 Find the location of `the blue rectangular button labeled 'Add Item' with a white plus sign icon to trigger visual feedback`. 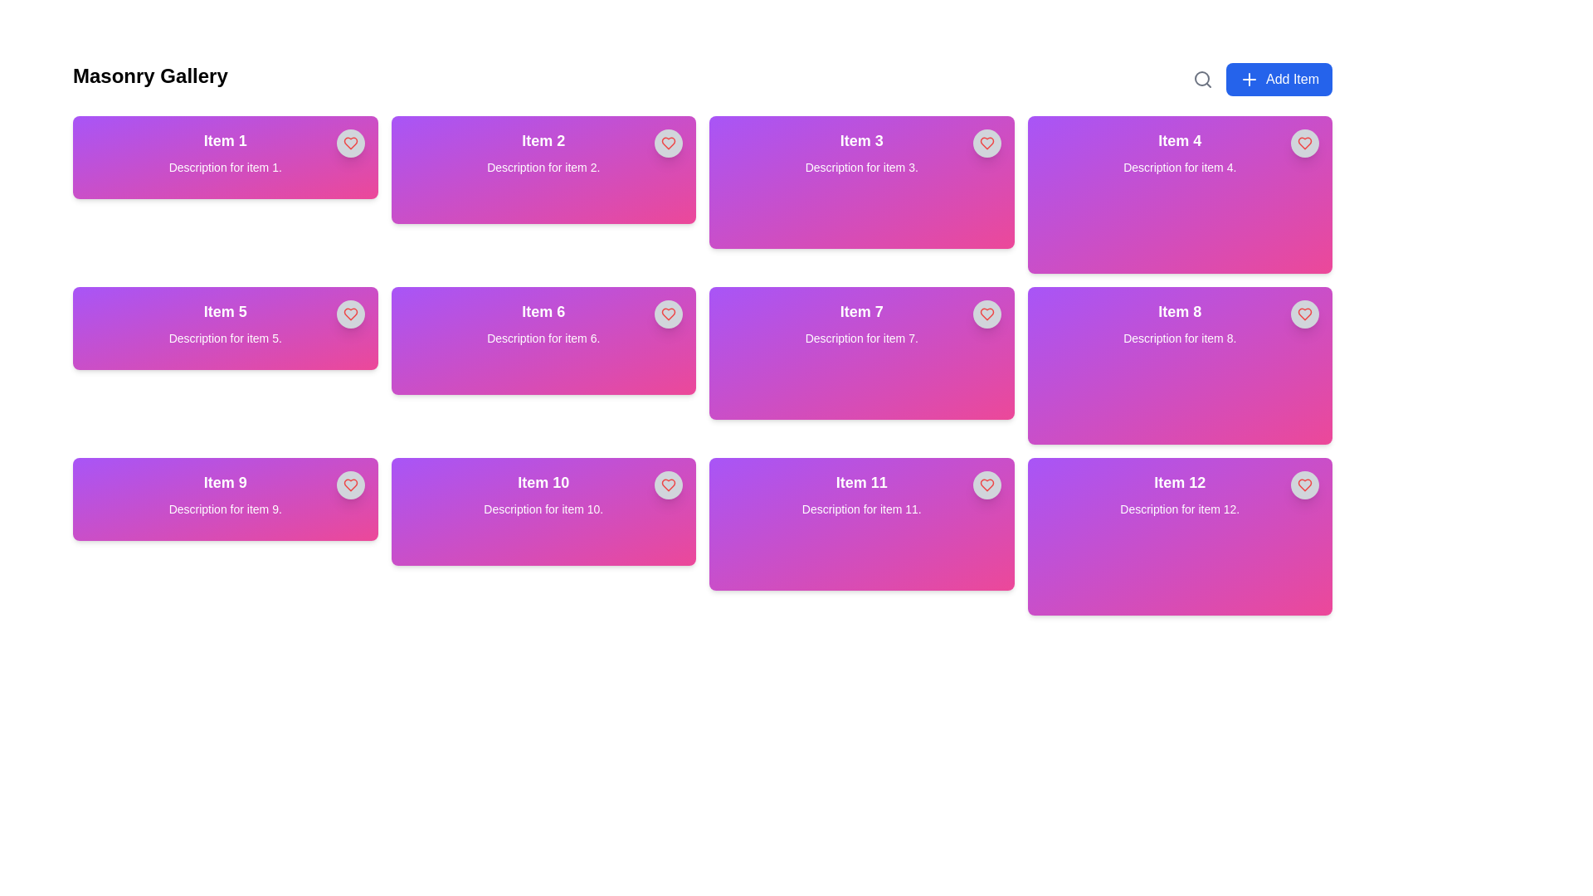

the blue rectangular button labeled 'Add Item' with a white plus sign icon to trigger visual feedback is located at coordinates (1278, 80).